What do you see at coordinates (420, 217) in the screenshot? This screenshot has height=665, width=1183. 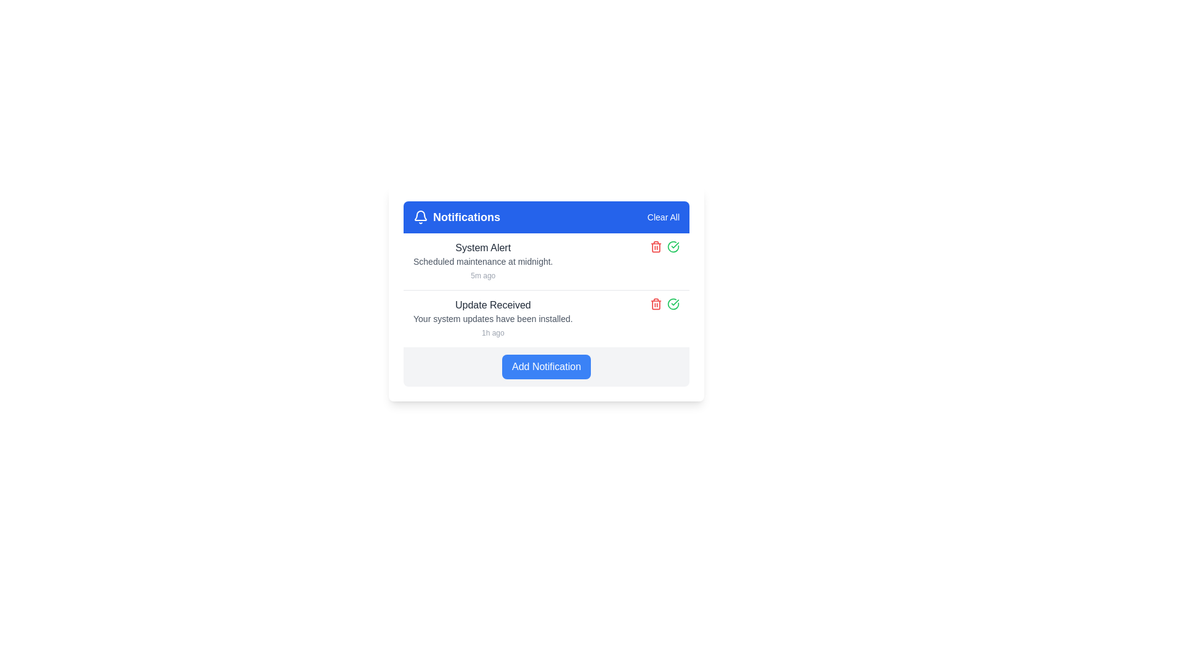 I see `the decorative notification icon located at the far left of the header section, preceding the 'Notifications' title` at bounding box center [420, 217].